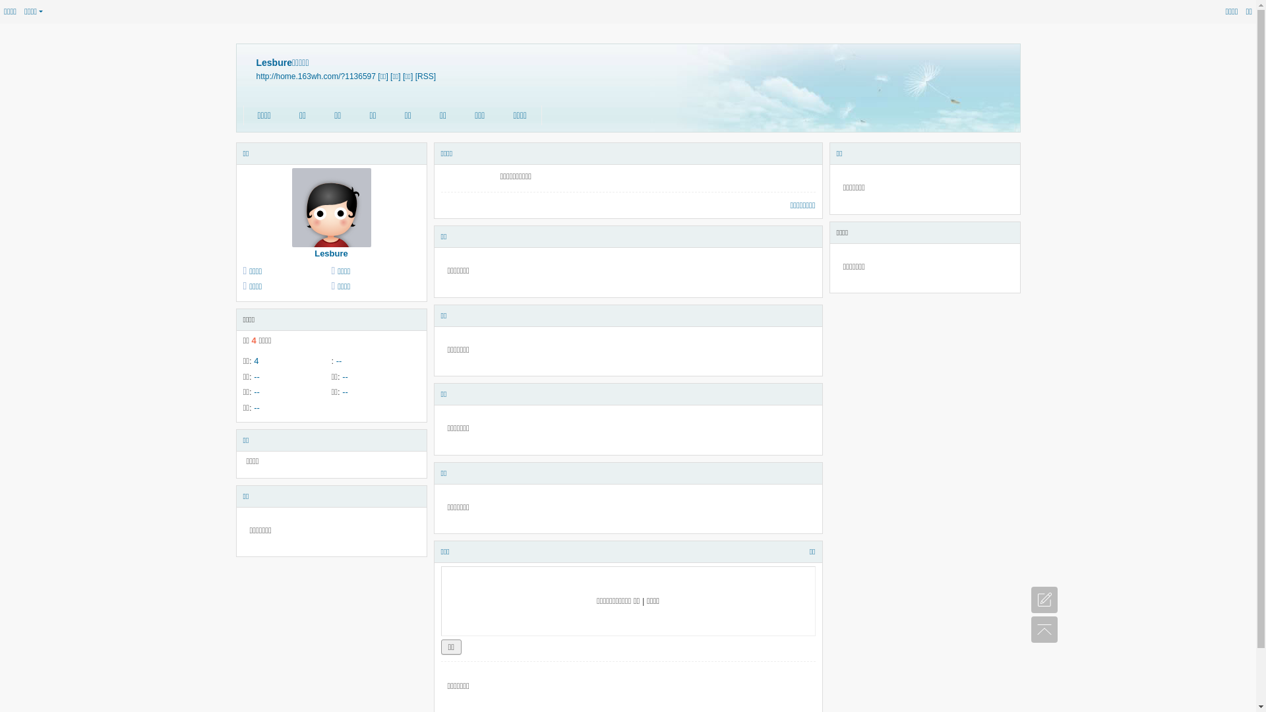 This screenshot has width=1266, height=712. Describe the element at coordinates (315, 76) in the screenshot. I see `'http://home.163wh.com/?1136597'` at that location.